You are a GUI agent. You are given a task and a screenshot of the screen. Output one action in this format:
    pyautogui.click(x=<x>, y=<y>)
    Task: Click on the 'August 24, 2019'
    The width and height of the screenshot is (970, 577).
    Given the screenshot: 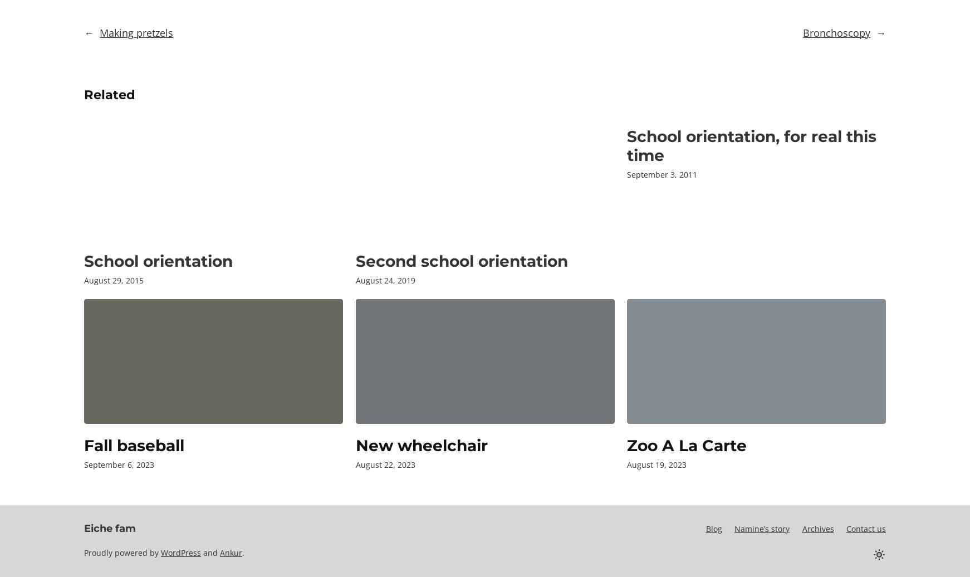 What is the action you would take?
    pyautogui.click(x=354, y=280)
    